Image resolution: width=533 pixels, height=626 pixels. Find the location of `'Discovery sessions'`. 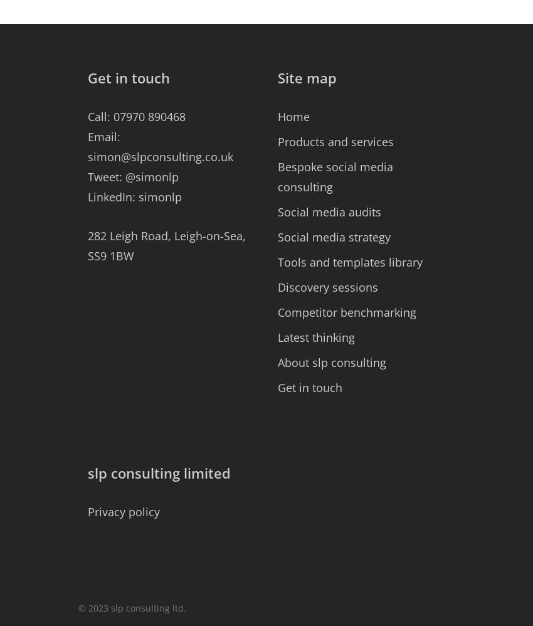

'Discovery sessions' is located at coordinates (327, 286).